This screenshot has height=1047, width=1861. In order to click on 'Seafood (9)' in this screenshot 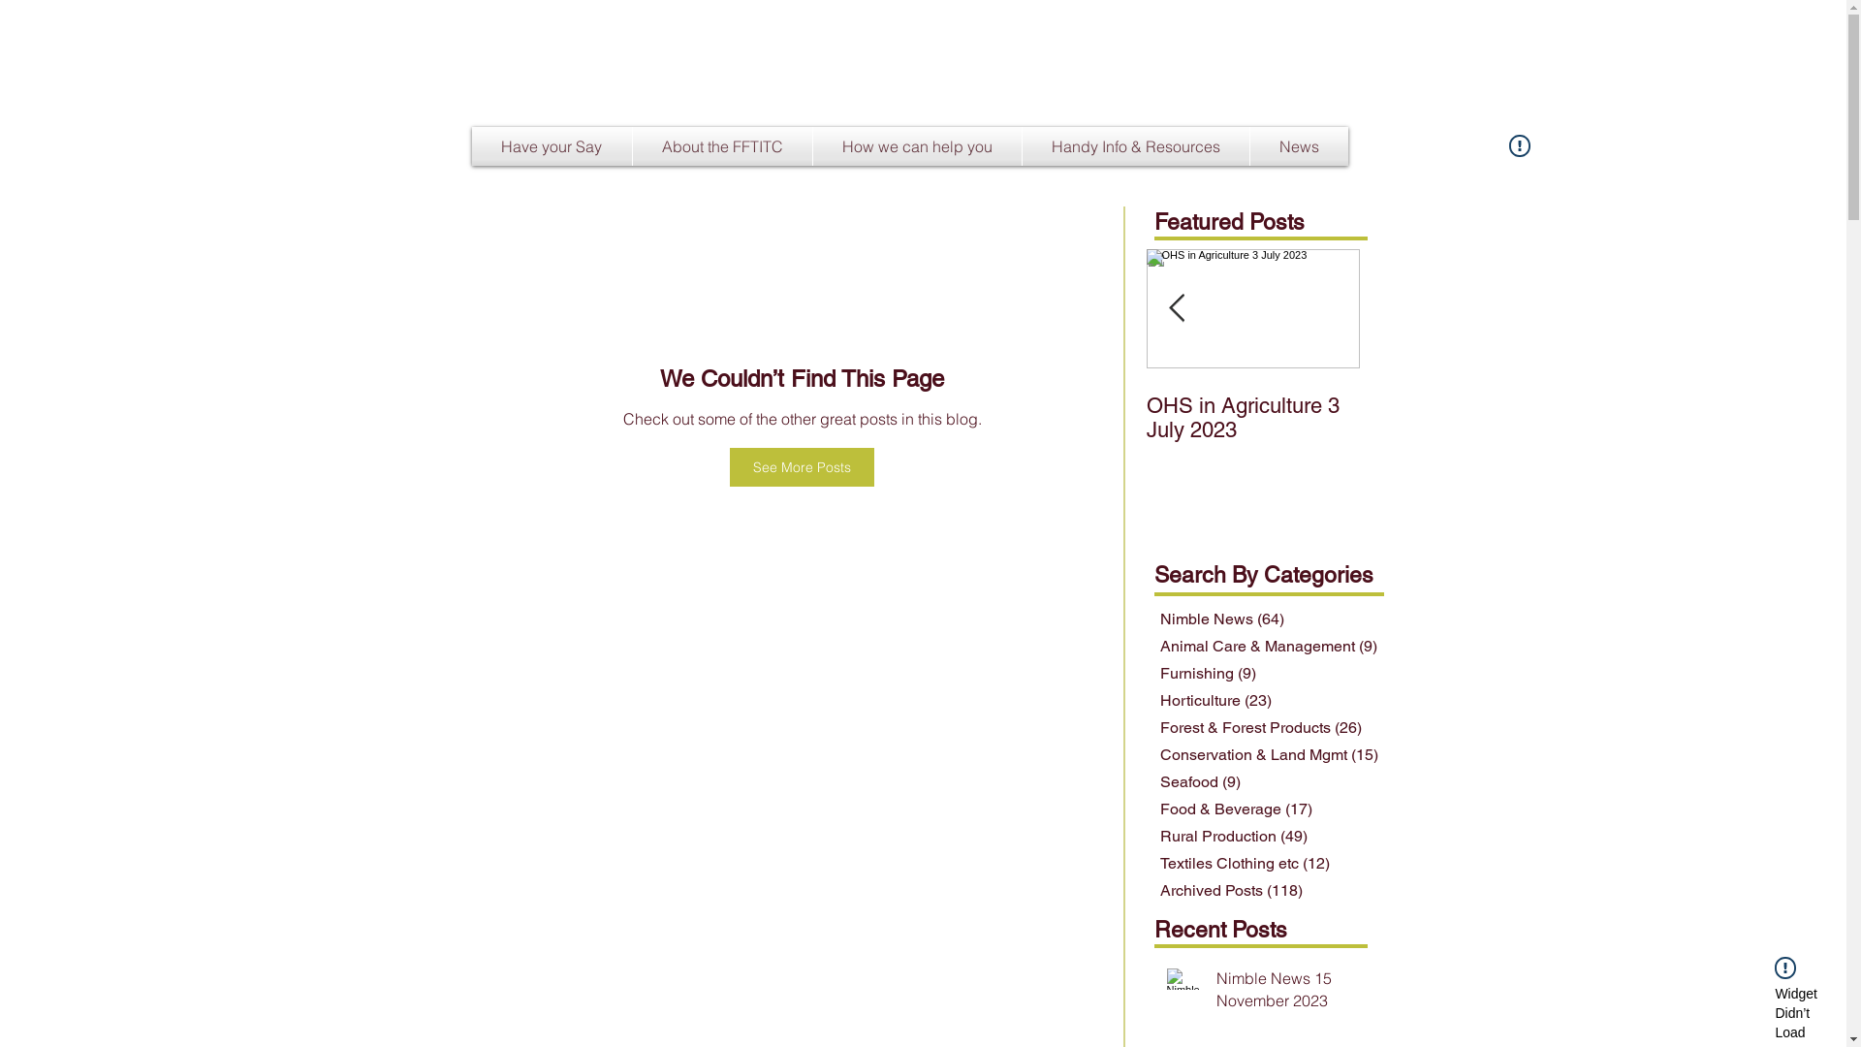, I will do `click(1270, 780)`.